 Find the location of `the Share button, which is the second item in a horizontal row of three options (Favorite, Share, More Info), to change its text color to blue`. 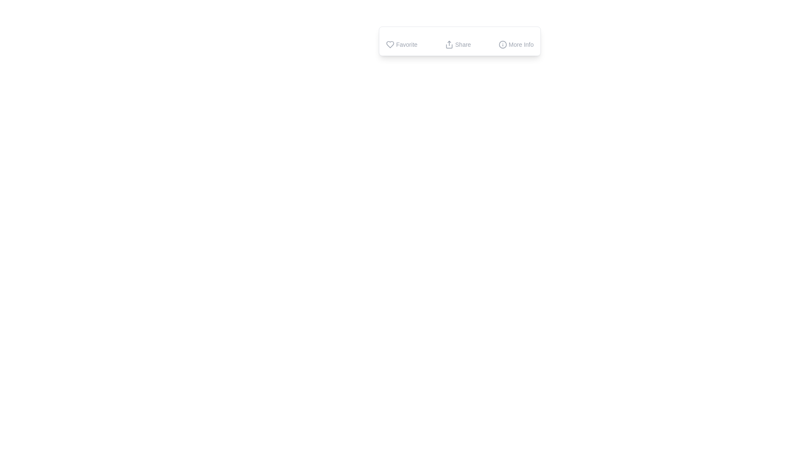

the Share button, which is the second item in a horizontal row of three options (Favorite, Share, More Info), to change its text color to blue is located at coordinates (459, 41).